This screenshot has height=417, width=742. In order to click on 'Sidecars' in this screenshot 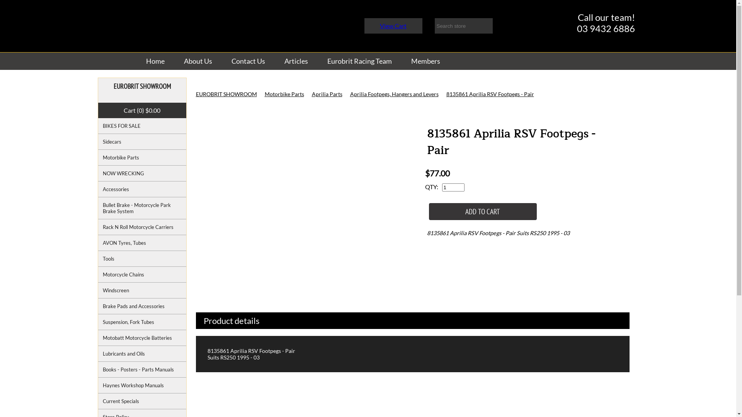, I will do `click(142, 142)`.